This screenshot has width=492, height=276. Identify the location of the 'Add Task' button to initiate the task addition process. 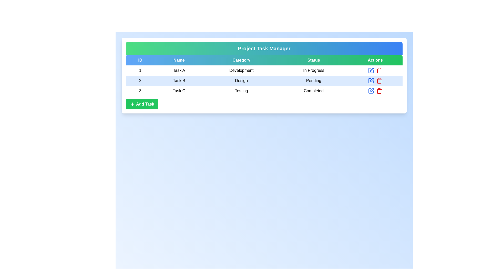
(142, 104).